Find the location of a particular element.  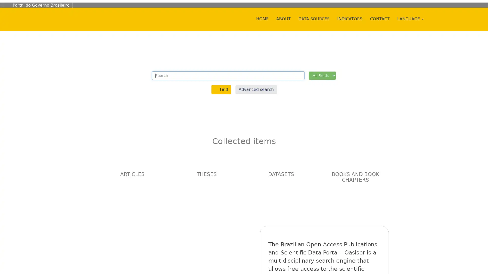

Find is located at coordinates (221, 89).